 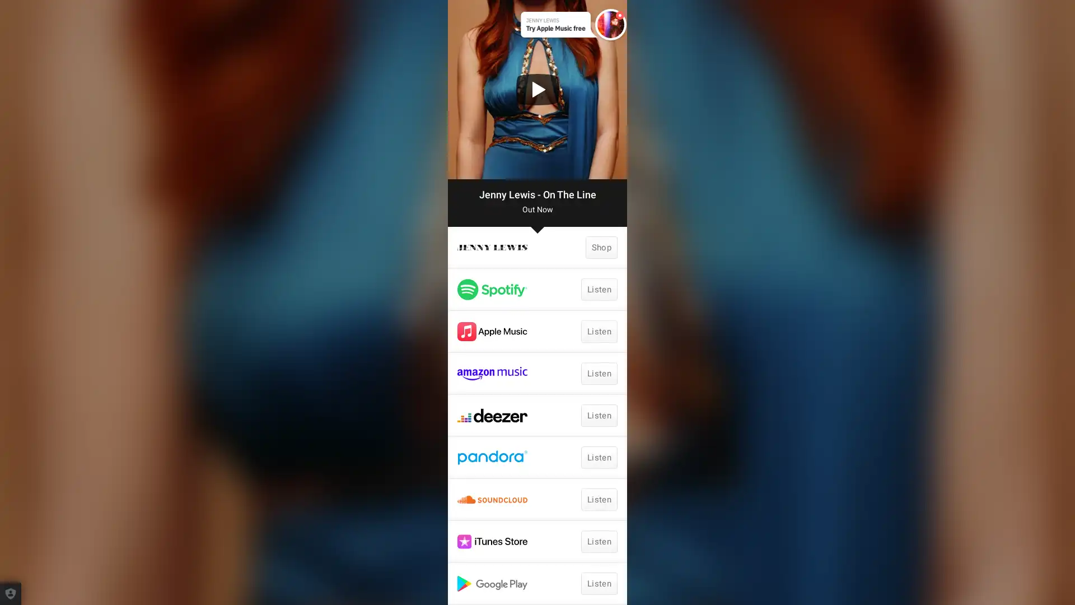 What do you see at coordinates (599, 374) in the screenshot?
I see `Listen` at bounding box center [599, 374].